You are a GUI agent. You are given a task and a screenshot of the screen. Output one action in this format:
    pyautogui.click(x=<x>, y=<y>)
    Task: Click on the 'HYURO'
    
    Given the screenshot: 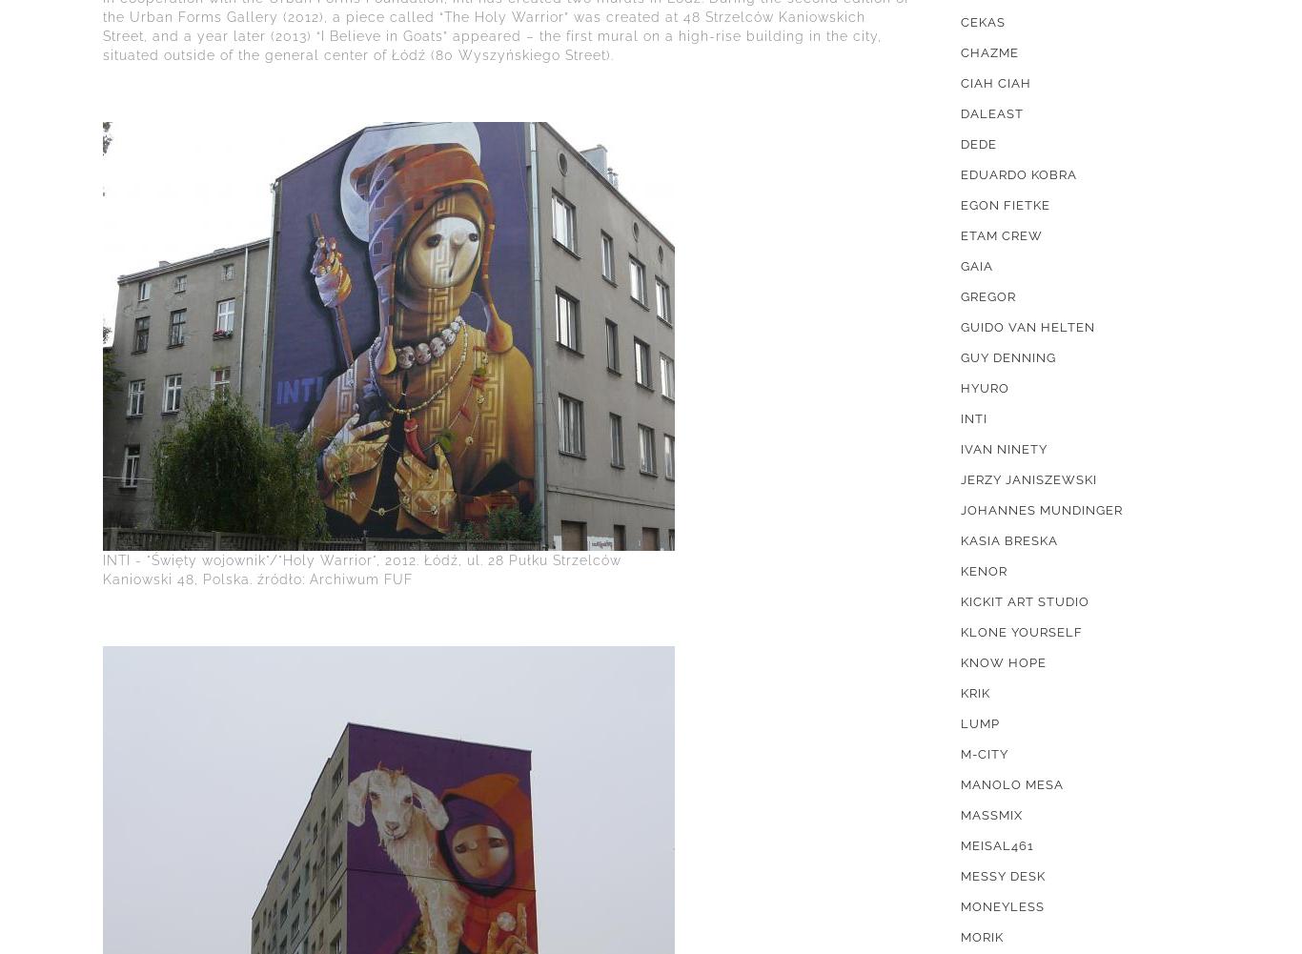 What is the action you would take?
    pyautogui.click(x=960, y=387)
    